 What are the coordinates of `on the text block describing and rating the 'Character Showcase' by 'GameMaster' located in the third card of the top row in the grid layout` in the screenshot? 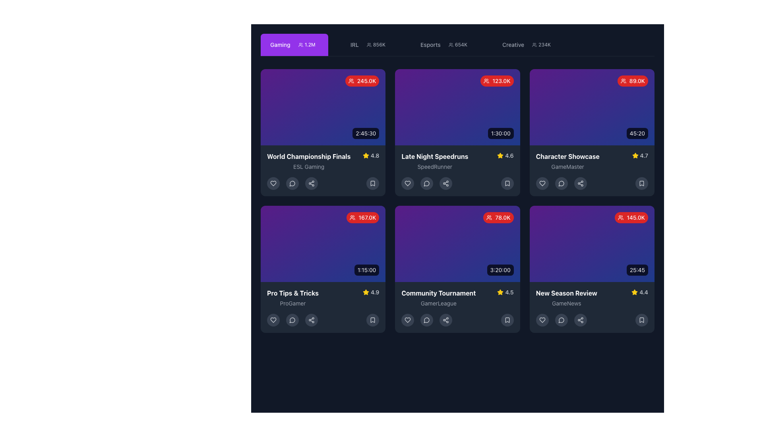 It's located at (592, 161).